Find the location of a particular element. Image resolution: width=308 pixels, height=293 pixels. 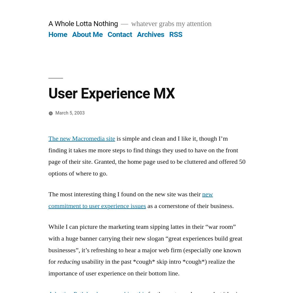

'While I can picture the marketing team sipping lattes in their “war room” with a huge banner carrying their new slogan “great experiences build great businesses”, it’s refreshing to hear a major web firm (especially one known for' is located at coordinates (48, 244).